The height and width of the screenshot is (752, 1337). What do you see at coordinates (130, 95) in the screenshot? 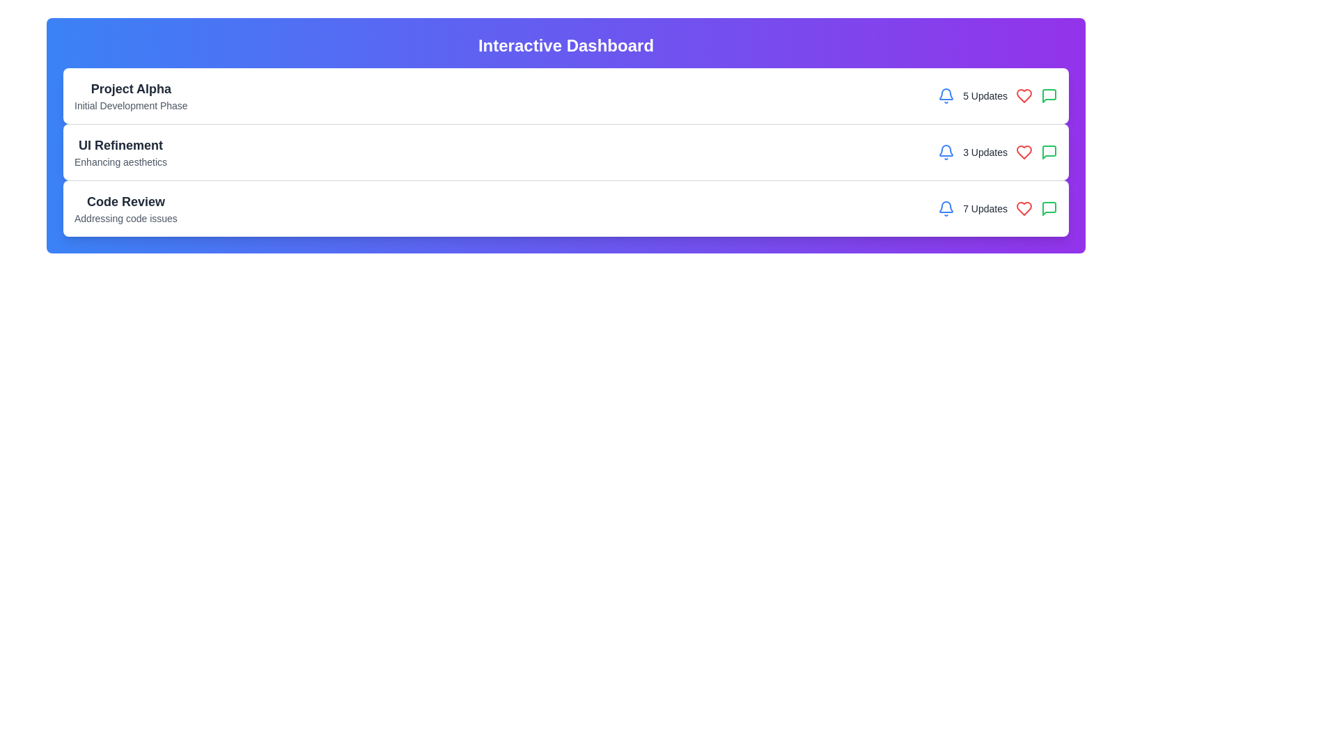
I see `the 'Project Alpha' text label, which is a bold title indicating the project name, to focus on the associated project details` at bounding box center [130, 95].